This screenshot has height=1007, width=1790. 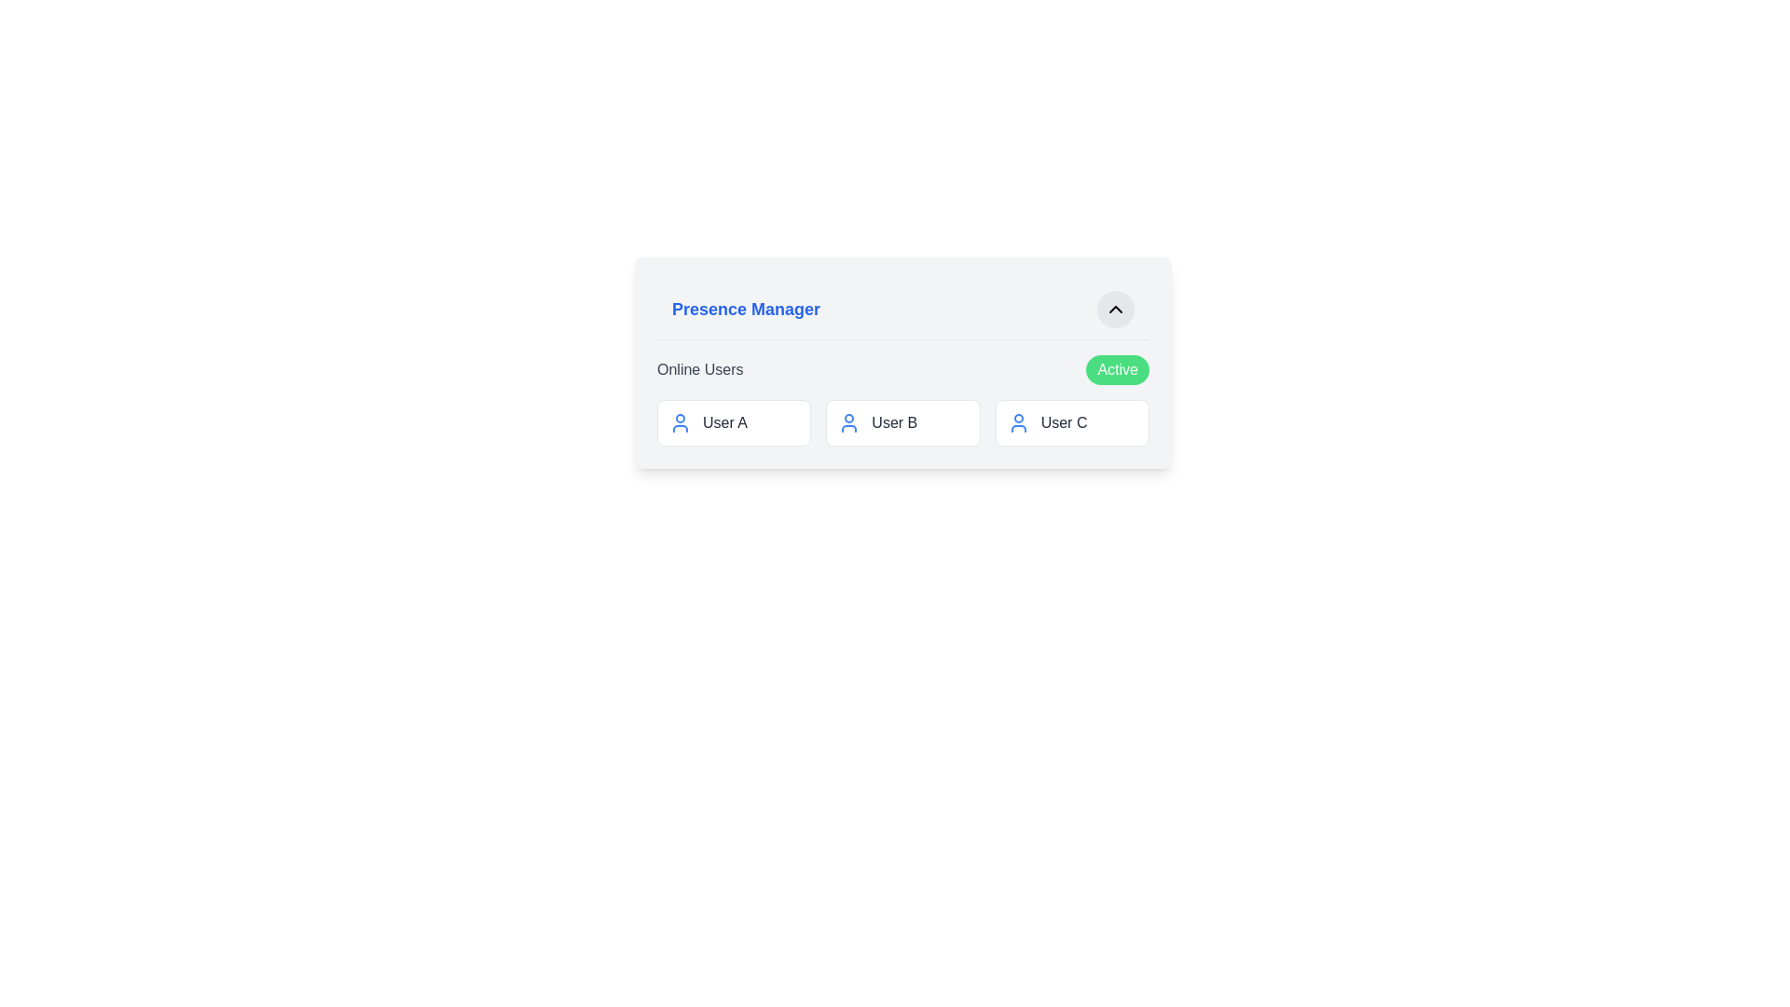 I want to click on the Card component representing User C, which is the third item from the left in a grid layout of online users located in the bottom-right corner, so click(x=1072, y=423).